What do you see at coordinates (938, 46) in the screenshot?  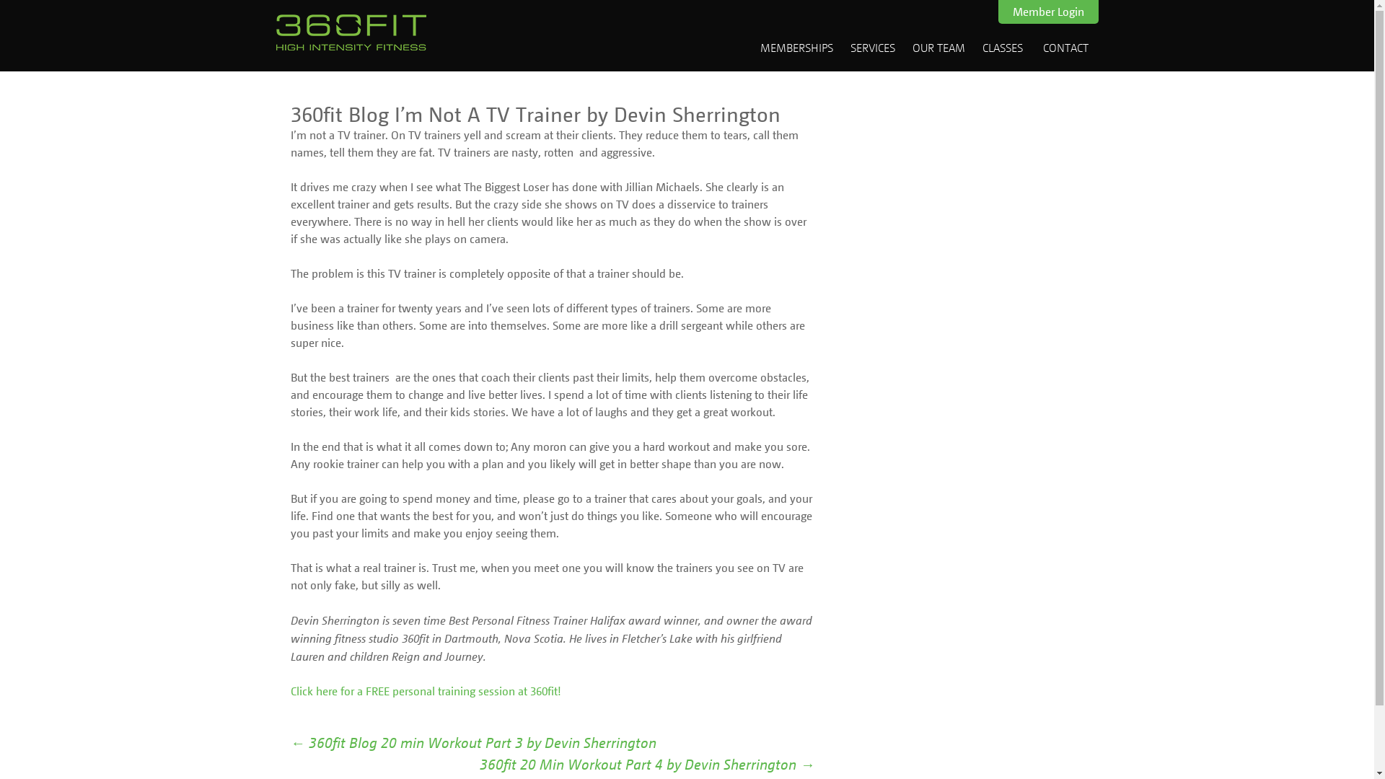 I see `'OUR TEAM'` at bounding box center [938, 46].